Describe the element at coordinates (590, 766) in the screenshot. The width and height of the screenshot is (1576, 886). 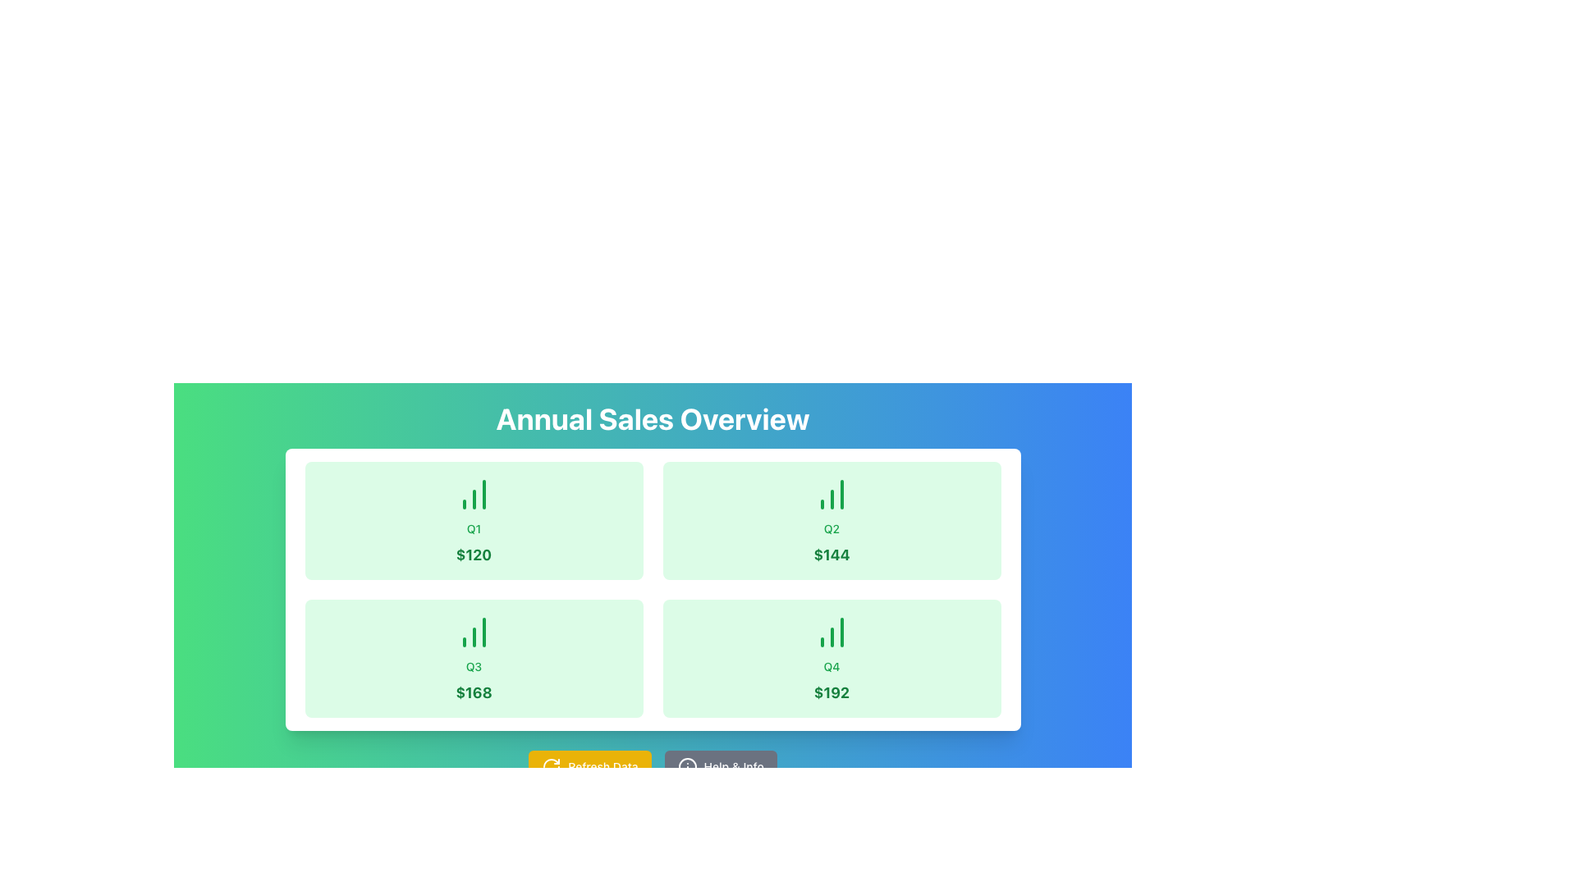
I see `the bright yellow 'Refresh Data' button with rounded corners and a circular arrow icon, located towards the lower center of the interface` at that location.